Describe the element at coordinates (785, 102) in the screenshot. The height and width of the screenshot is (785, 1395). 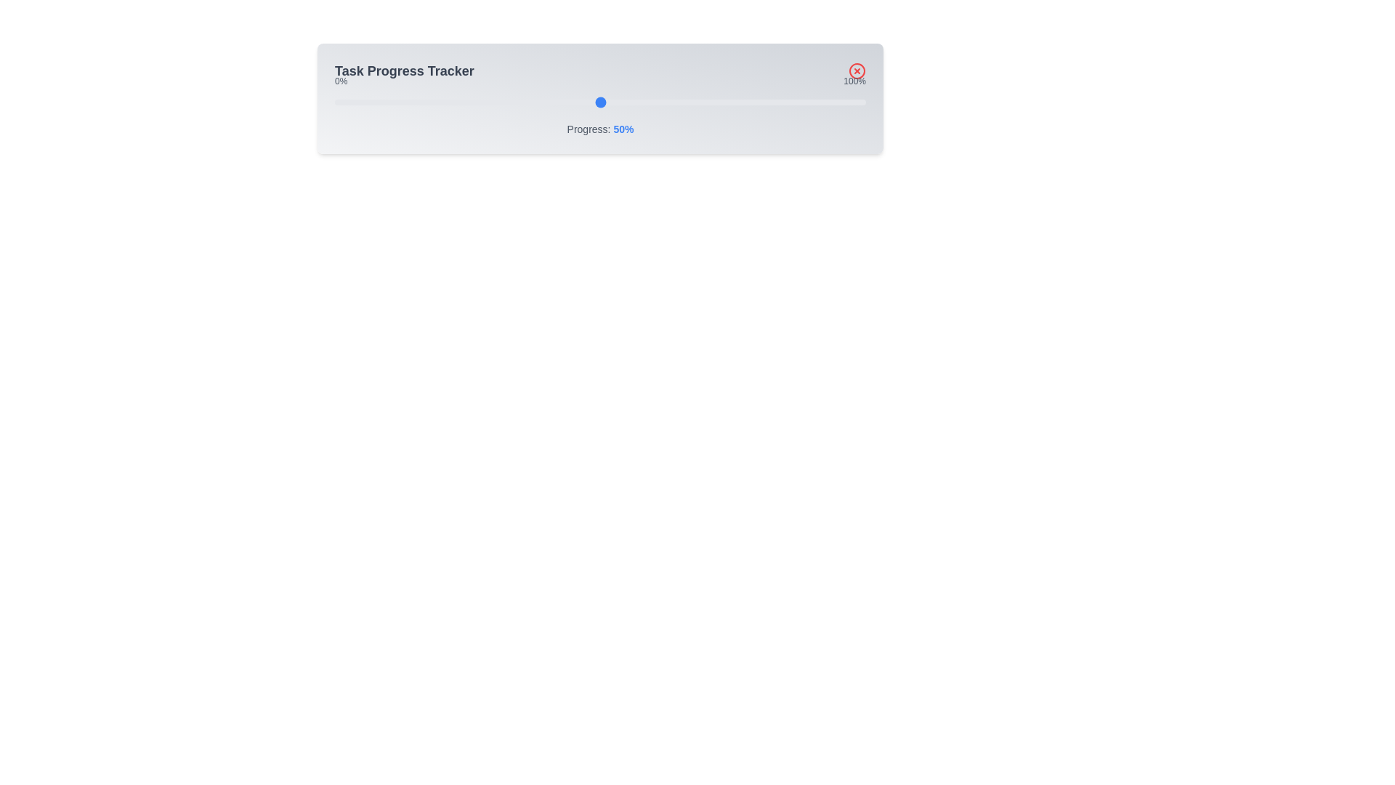
I see `task progress` at that location.